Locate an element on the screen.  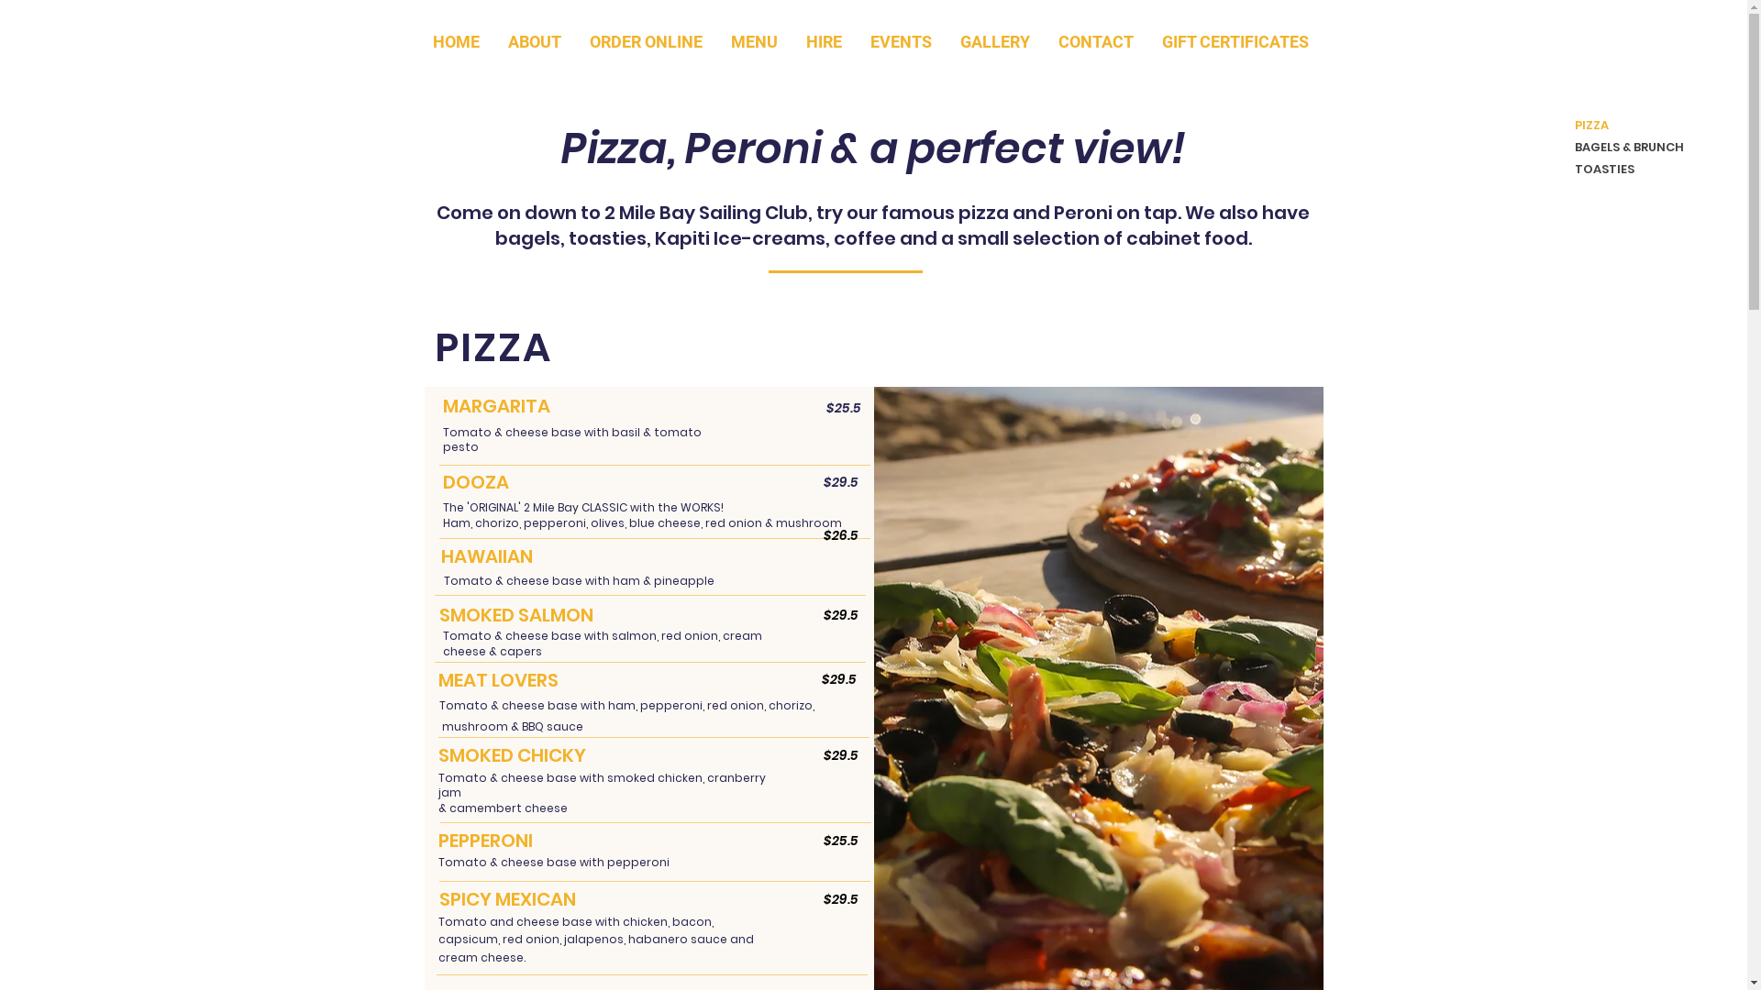
'HIRE' is located at coordinates (823, 41).